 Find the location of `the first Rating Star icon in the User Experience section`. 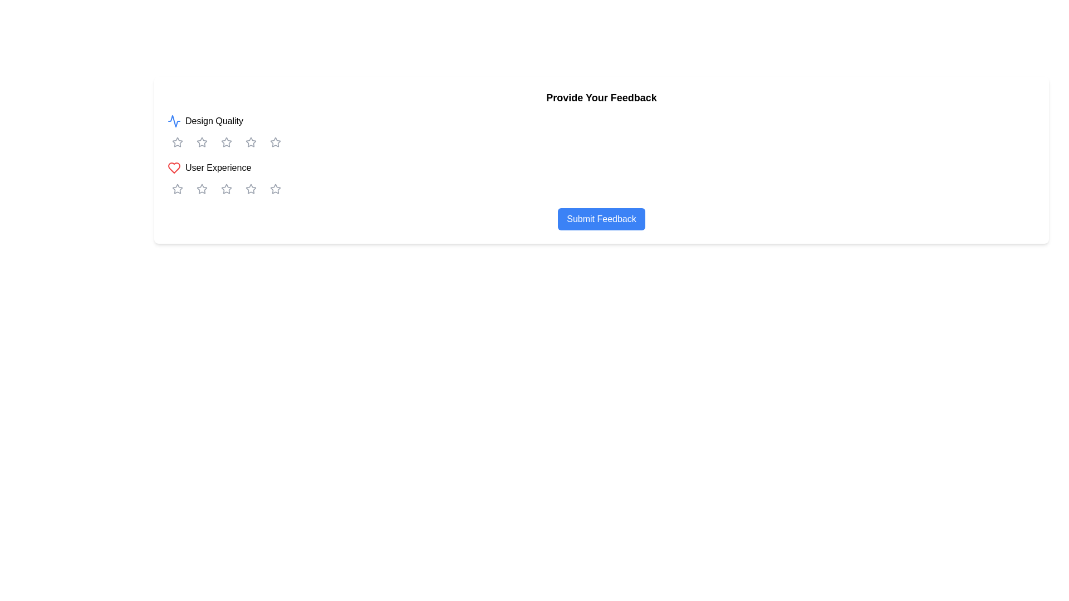

the first Rating Star icon in the User Experience section is located at coordinates (176, 188).